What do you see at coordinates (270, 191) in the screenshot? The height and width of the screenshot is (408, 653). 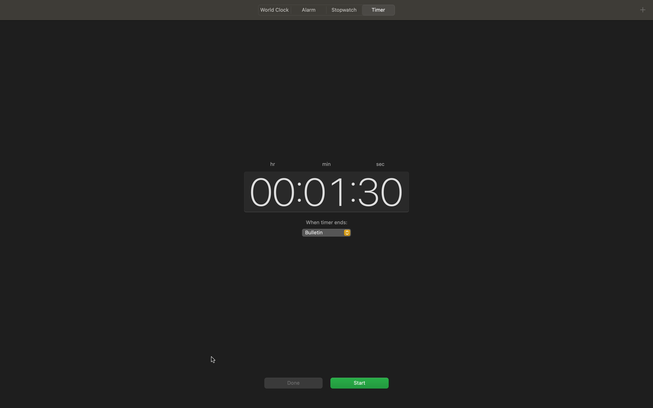 I see `the hour component of time to 00` at bounding box center [270, 191].